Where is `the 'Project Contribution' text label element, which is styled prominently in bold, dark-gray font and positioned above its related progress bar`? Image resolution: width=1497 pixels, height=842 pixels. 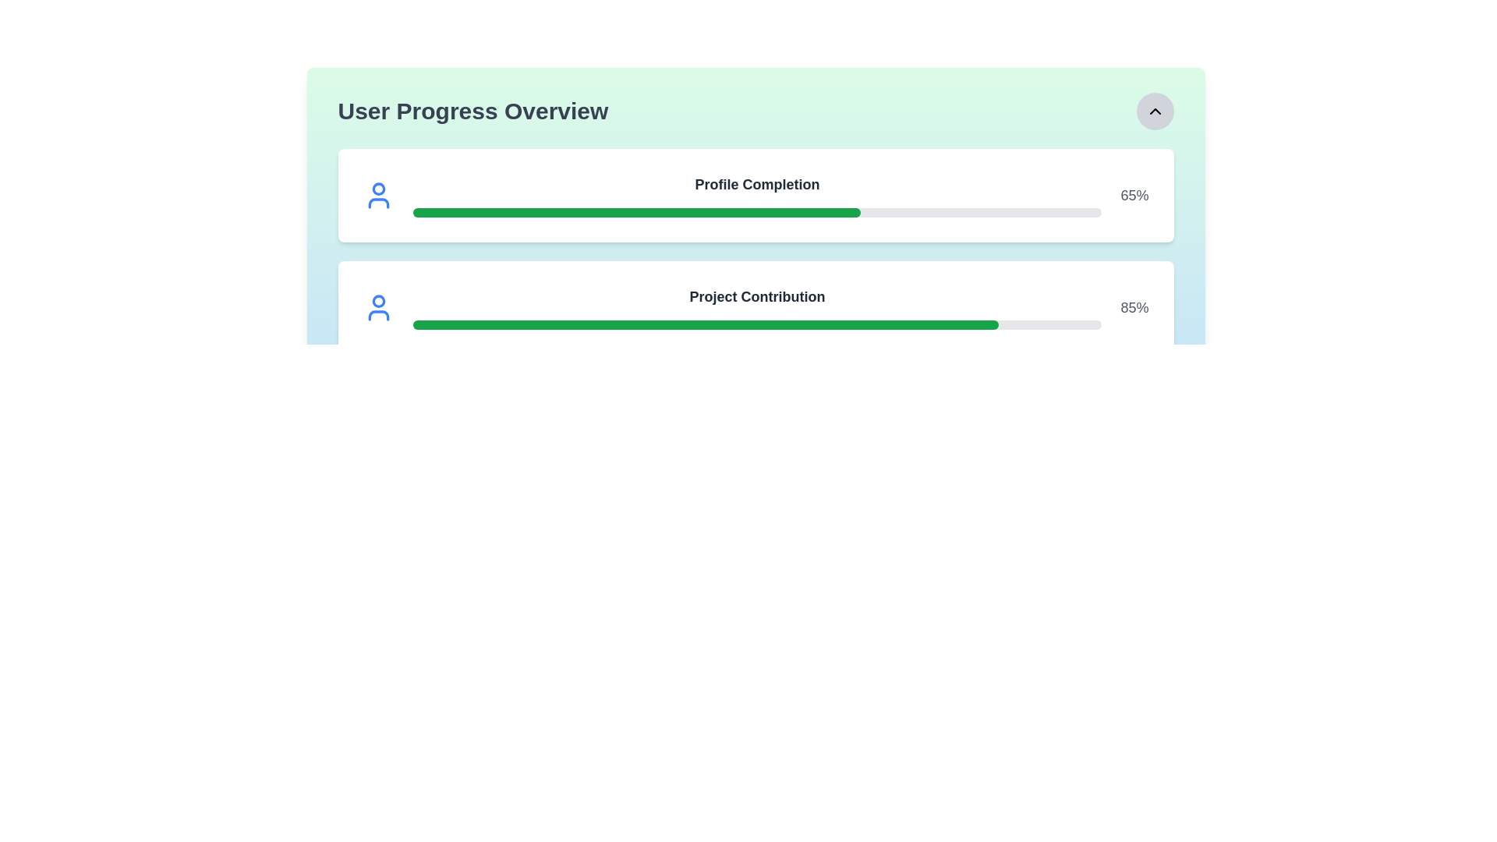
the 'Project Contribution' text label element, which is styled prominently in bold, dark-gray font and positioned above its related progress bar is located at coordinates (757, 297).